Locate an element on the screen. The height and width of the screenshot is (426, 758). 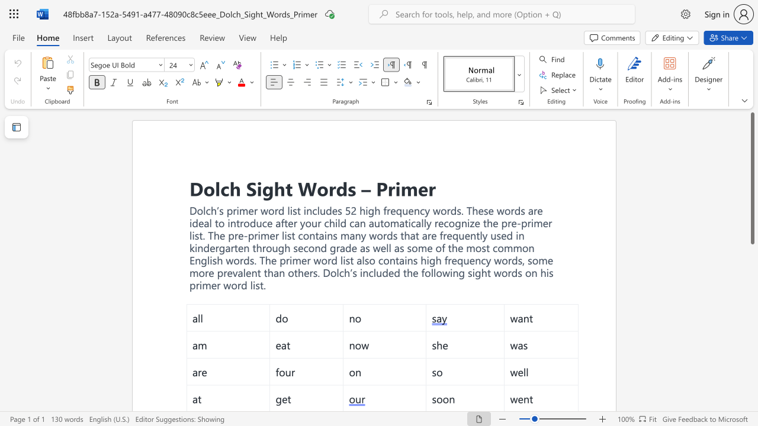
the 1th character "t" in the text is located at coordinates (289, 188).